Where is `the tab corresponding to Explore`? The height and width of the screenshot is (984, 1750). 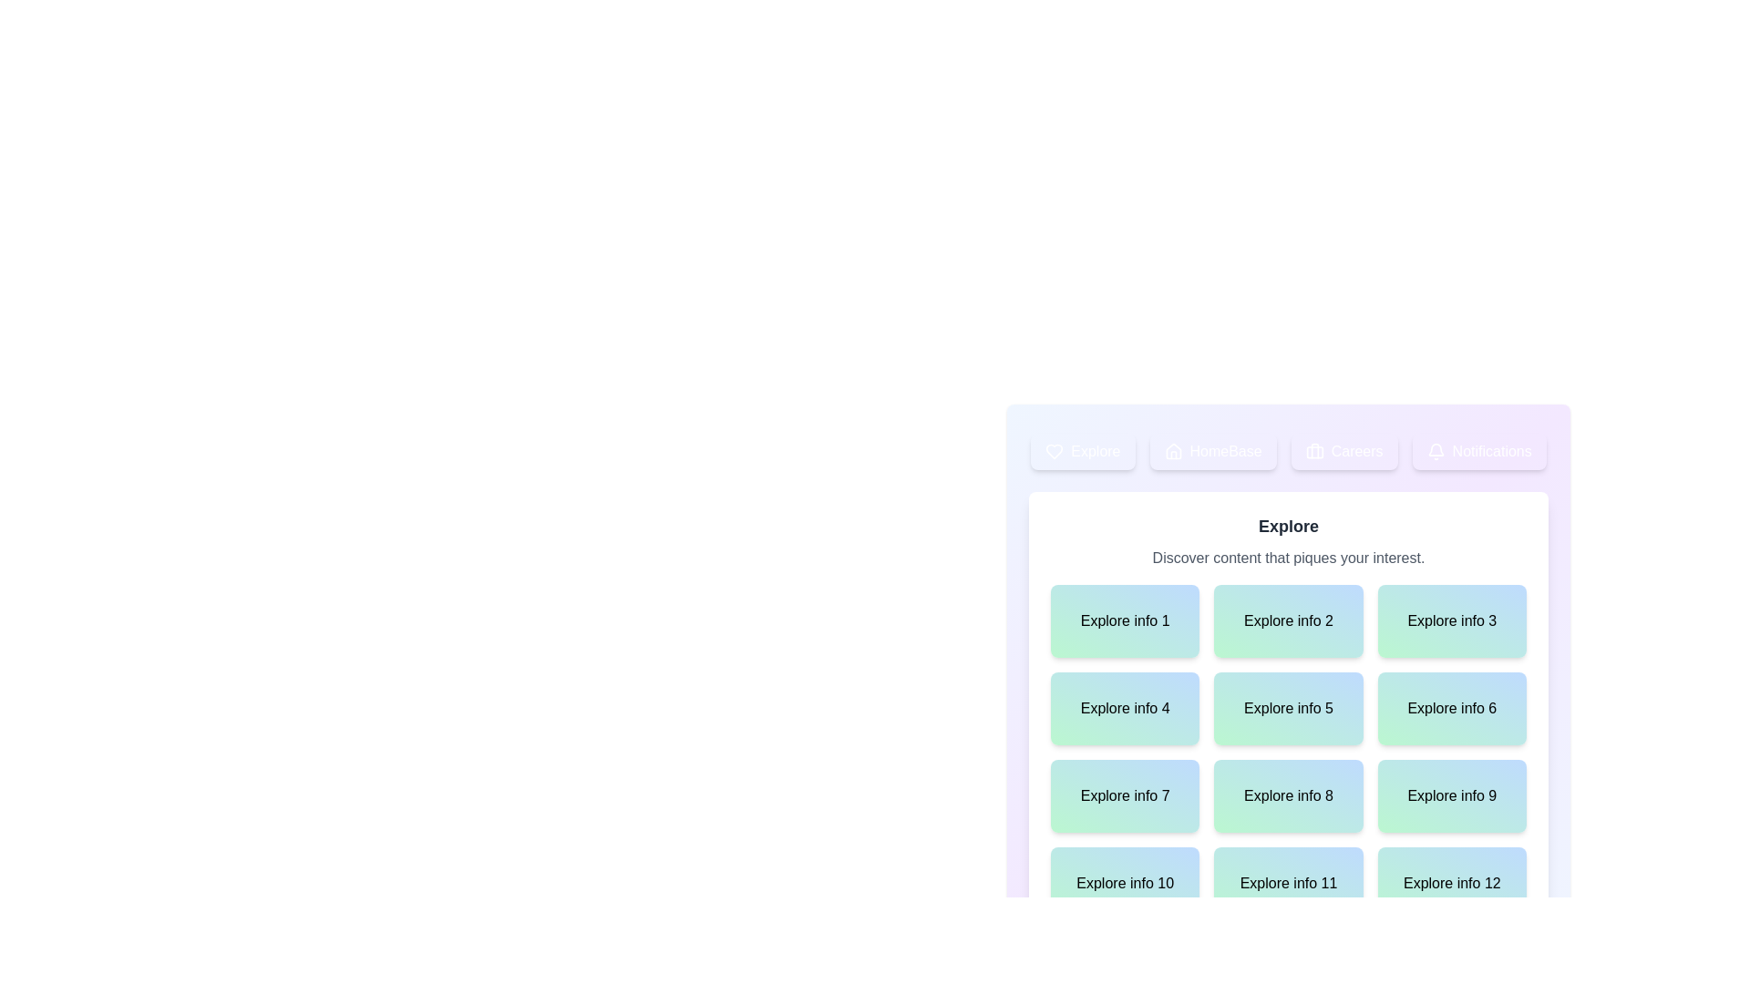
the tab corresponding to Explore is located at coordinates (1083, 451).